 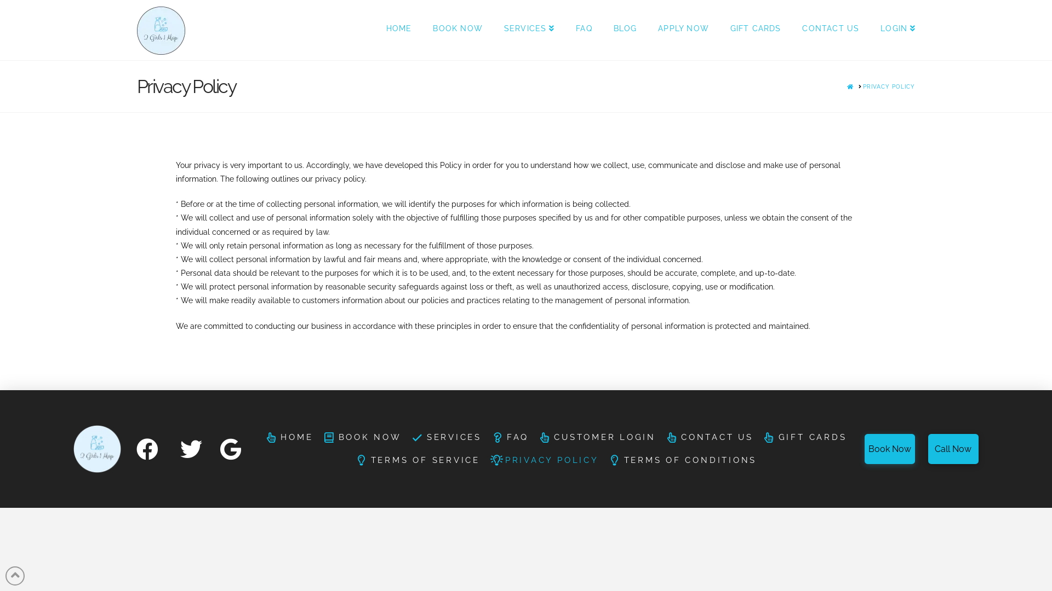 What do you see at coordinates (5, 575) in the screenshot?
I see `'Back to Top'` at bounding box center [5, 575].